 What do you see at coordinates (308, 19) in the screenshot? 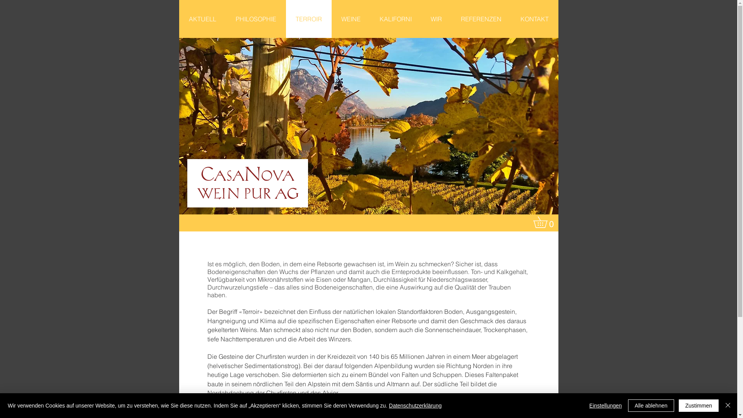
I see `'TERROIR'` at bounding box center [308, 19].